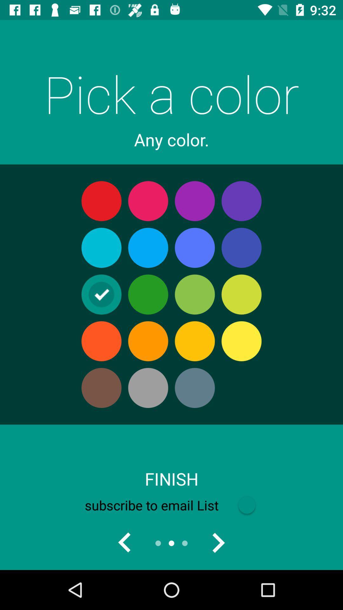 This screenshot has width=343, height=610. I want to click on left most green color is checked, so click(125, 543).